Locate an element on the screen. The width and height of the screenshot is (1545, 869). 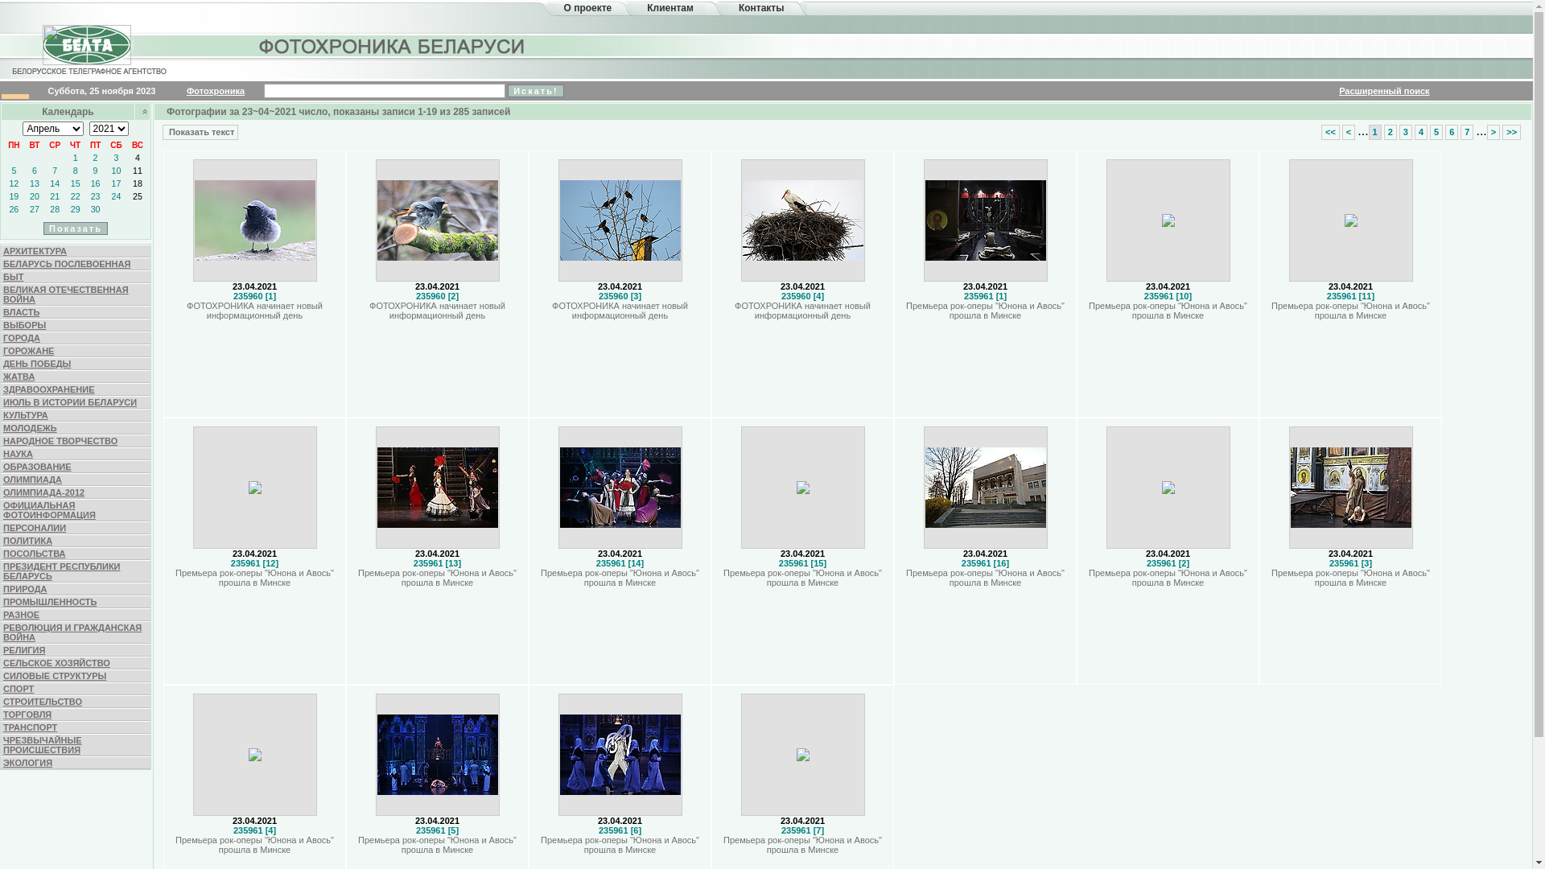
'4' is located at coordinates (138, 158).